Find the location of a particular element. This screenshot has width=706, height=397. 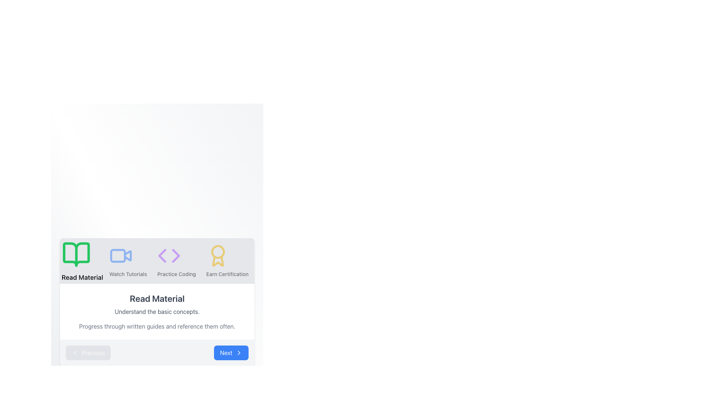

the central circular decorative element of the award icon located on the far right of the horizontal menu, adjacent to the 'Earn Certification' label is located at coordinates (217, 251).